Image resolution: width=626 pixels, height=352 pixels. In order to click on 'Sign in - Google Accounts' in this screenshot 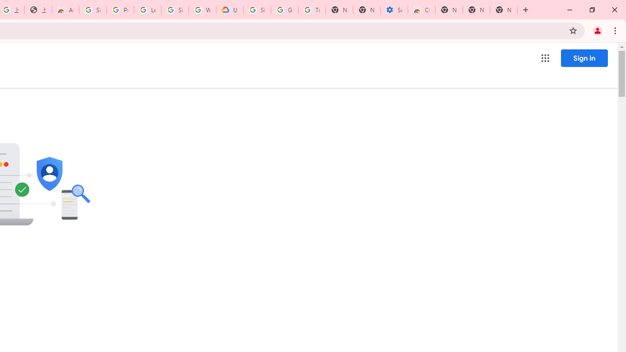, I will do `click(257, 10)`.